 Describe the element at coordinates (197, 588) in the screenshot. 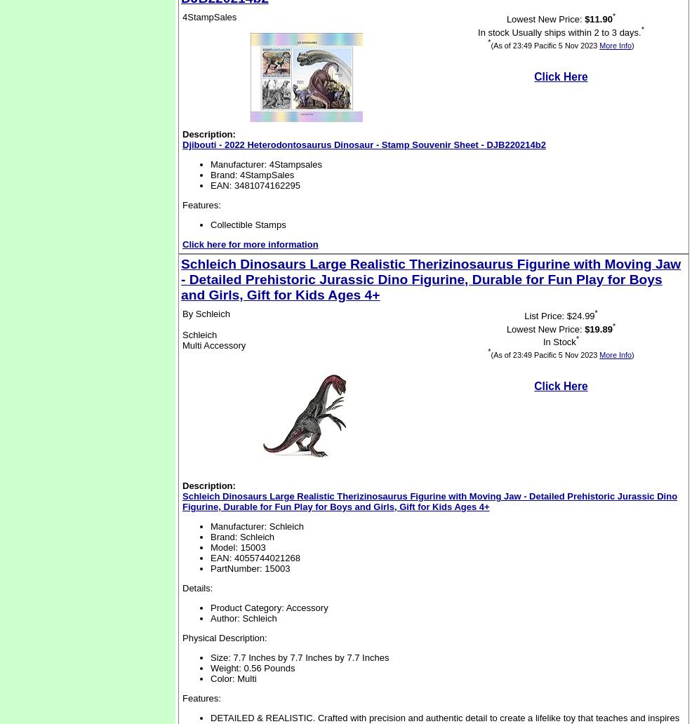

I see `'Details:'` at that location.